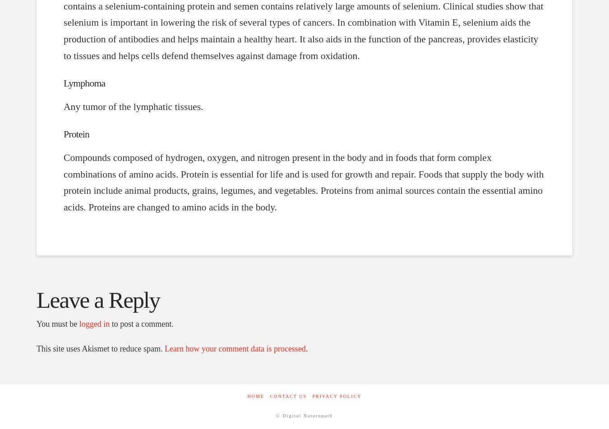 This screenshot has height=429, width=609. What do you see at coordinates (133, 106) in the screenshot?
I see `'Any tumor of the lymphatic tissues.'` at bounding box center [133, 106].